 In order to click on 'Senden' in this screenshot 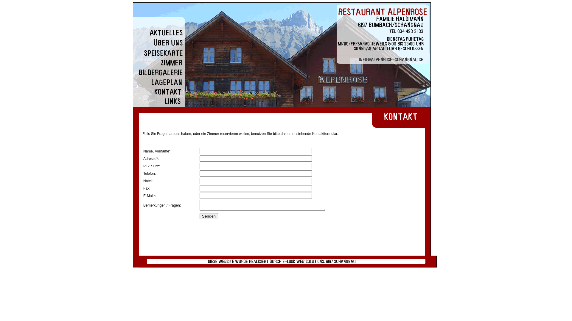, I will do `click(200, 216)`.